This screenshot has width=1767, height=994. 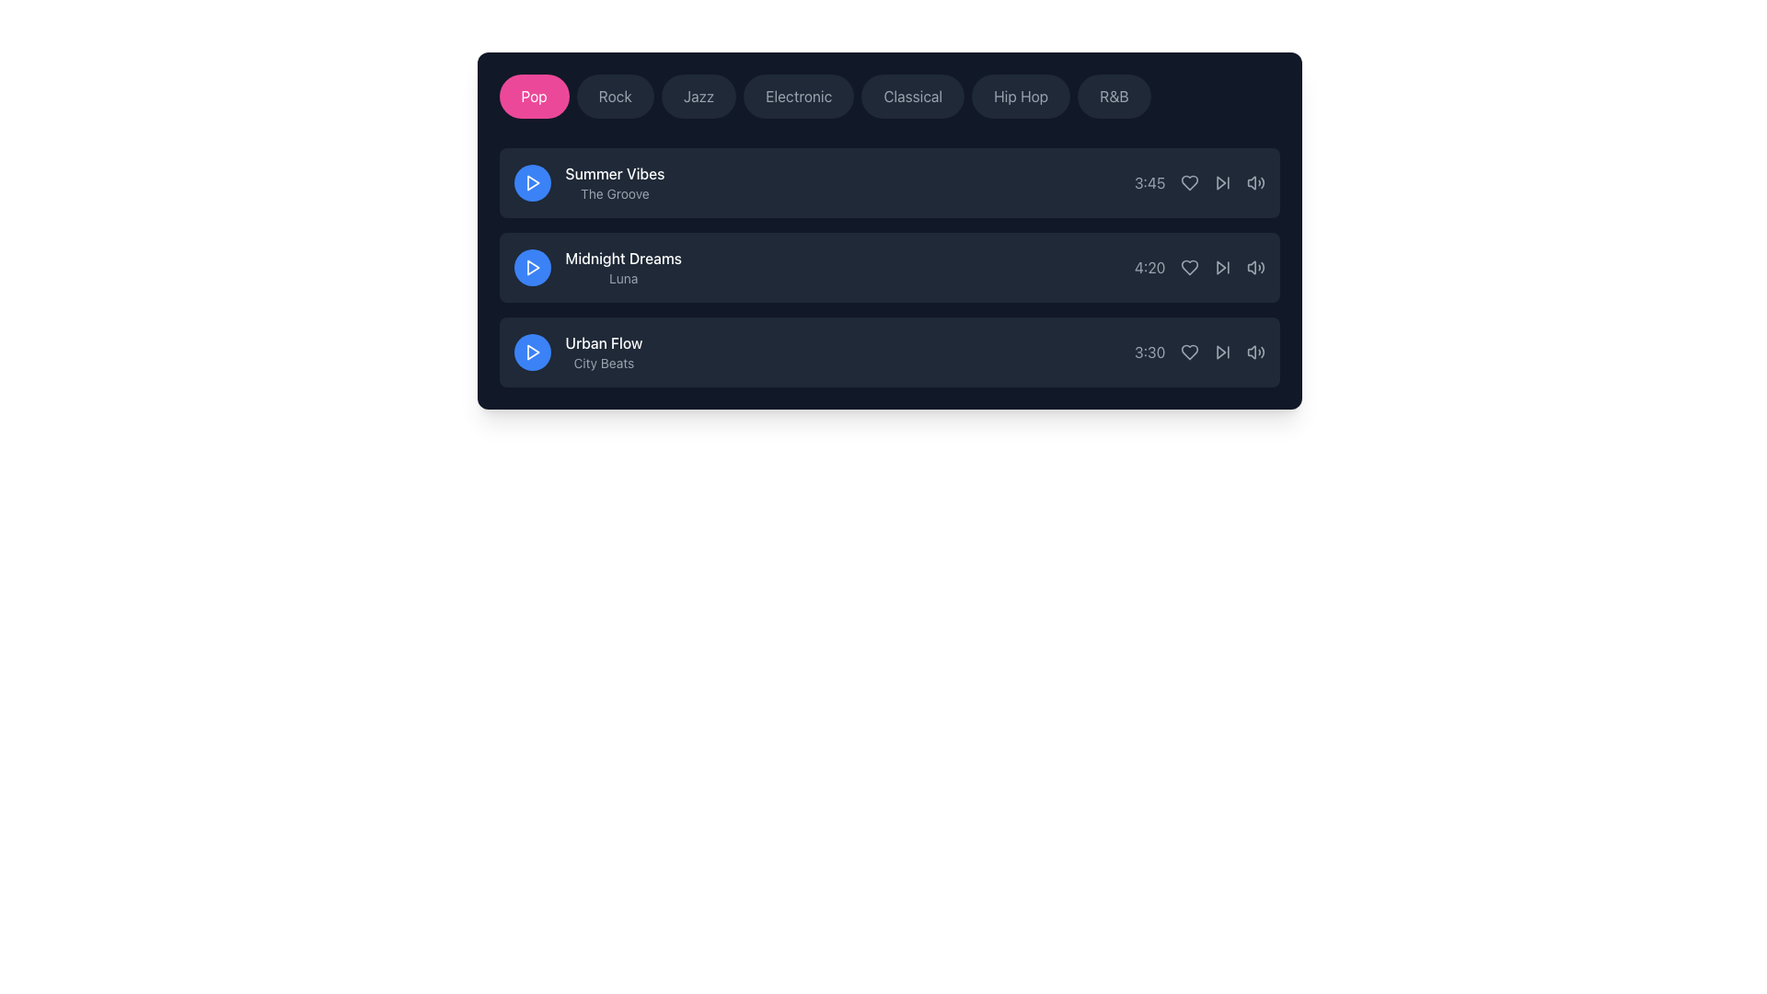 What do you see at coordinates (623, 279) in the screenshot?
I see `the text label displaying 'Luna', which is located below 'Midnight Dreams' in the second row of the playlist section` at bounding box center [623, 279].